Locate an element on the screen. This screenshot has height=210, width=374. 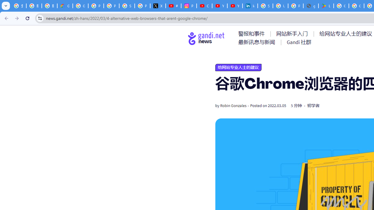
'Privacy Help Center - Policies Help' is located at coordinates (96, 6).